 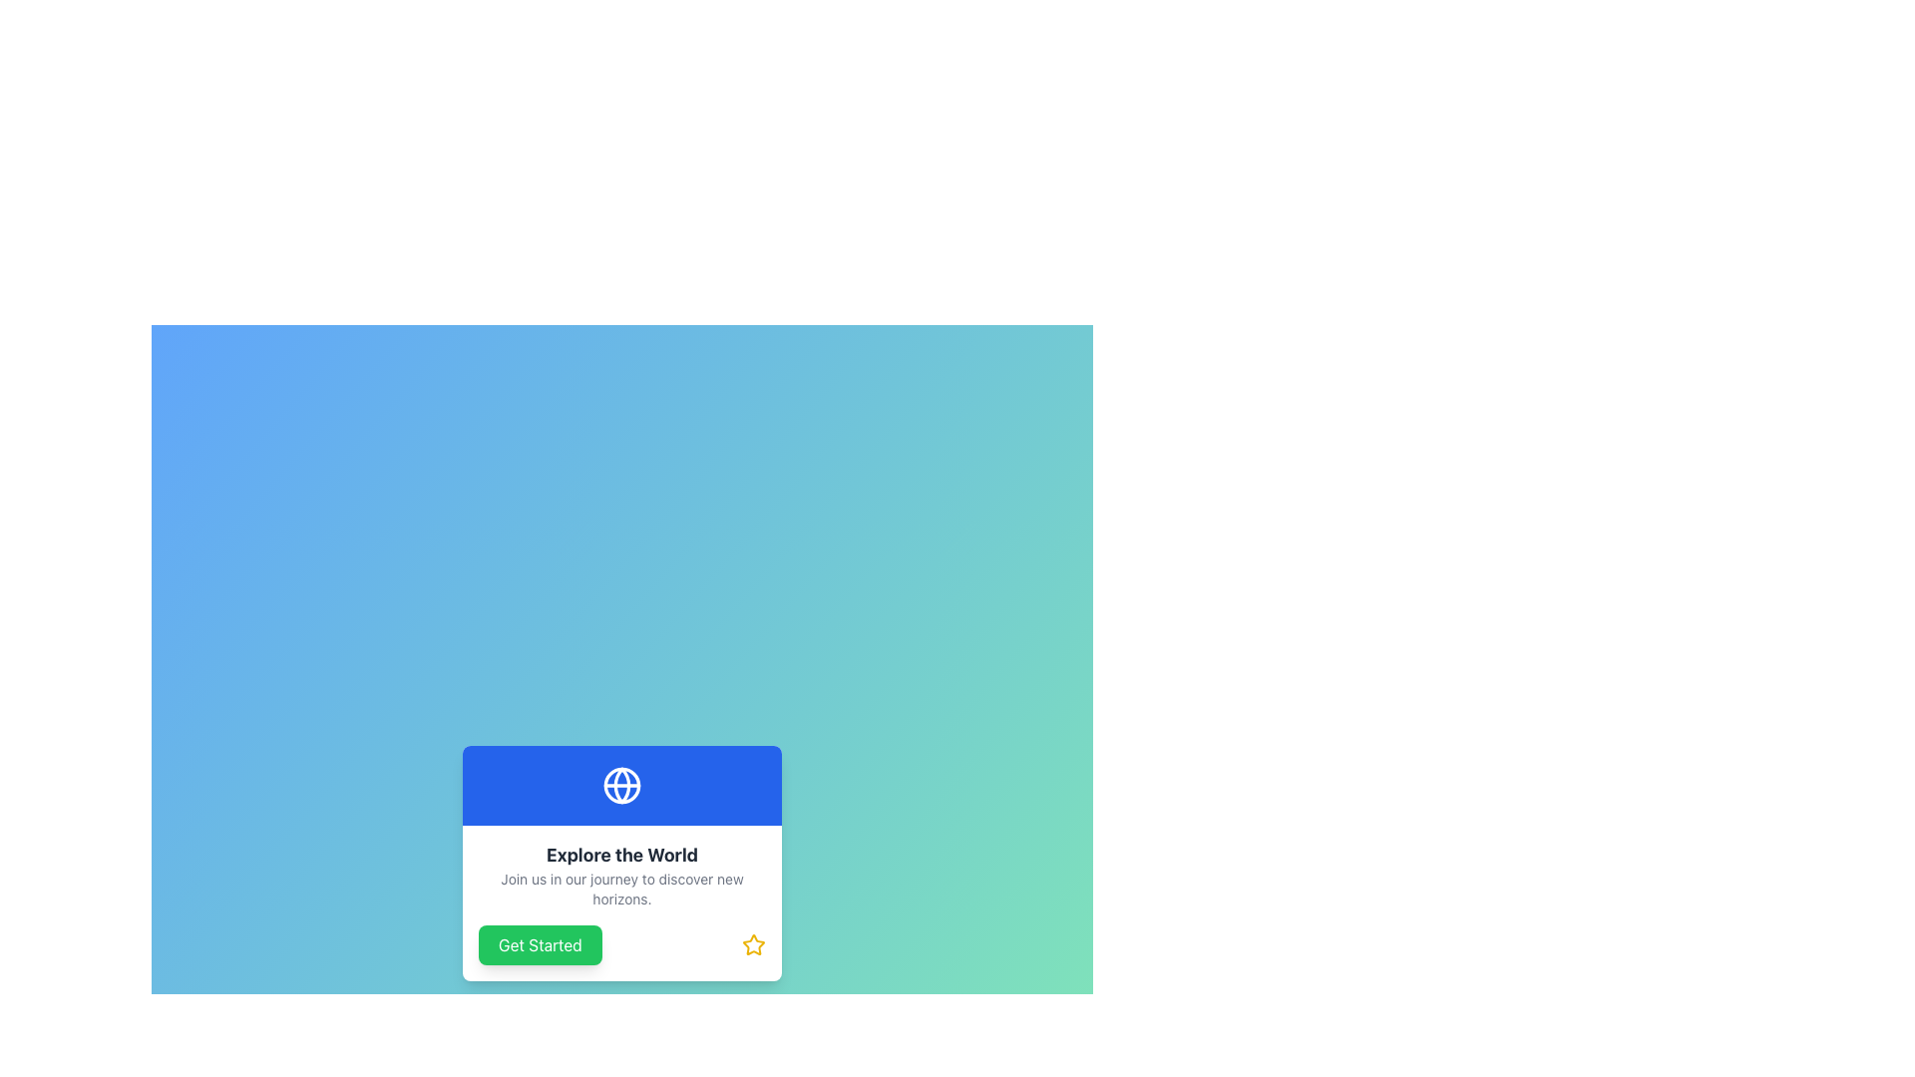 What do you see at coordinates (621, 888) in the screenshot?
I see `the text element that reads 'Join us in our journey to discover new horizons.', which is styled in a small font and gray color, located centrally below the title 'Explore the World'` at bounding box center [621, 888].